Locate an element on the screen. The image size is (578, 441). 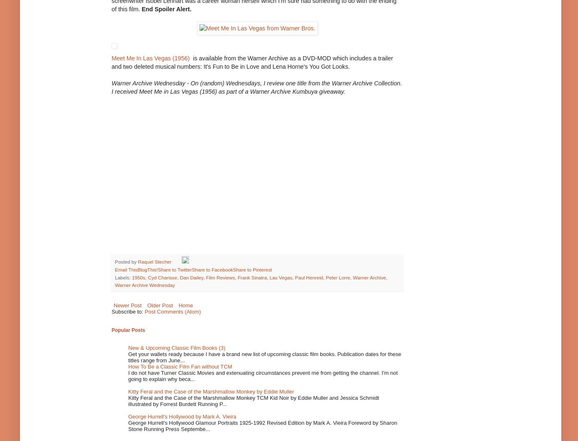
'Raquel Stecher' is located at coordinates (154, 261).